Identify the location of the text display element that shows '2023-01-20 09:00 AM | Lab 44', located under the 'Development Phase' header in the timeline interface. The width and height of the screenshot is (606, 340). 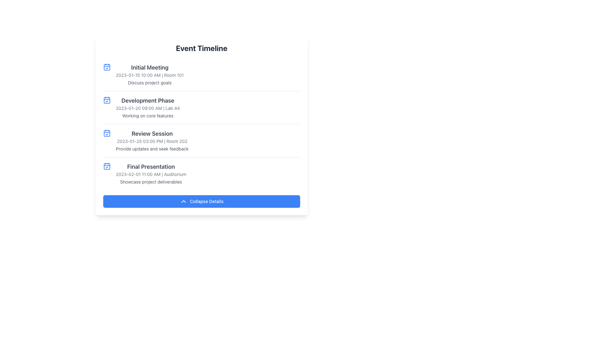
(147, 108).